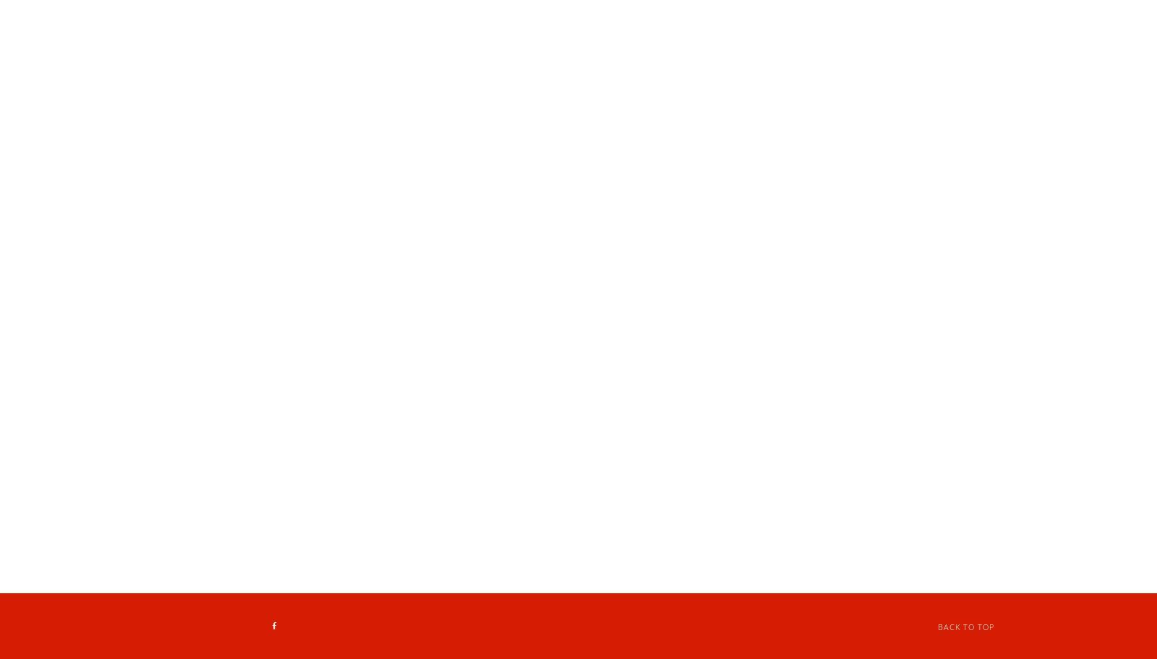  What do you see at coordinates (338, 380) in the screenshot?
I see `'2 Liter Soda $3.99'` at bounding box center [338, 380].